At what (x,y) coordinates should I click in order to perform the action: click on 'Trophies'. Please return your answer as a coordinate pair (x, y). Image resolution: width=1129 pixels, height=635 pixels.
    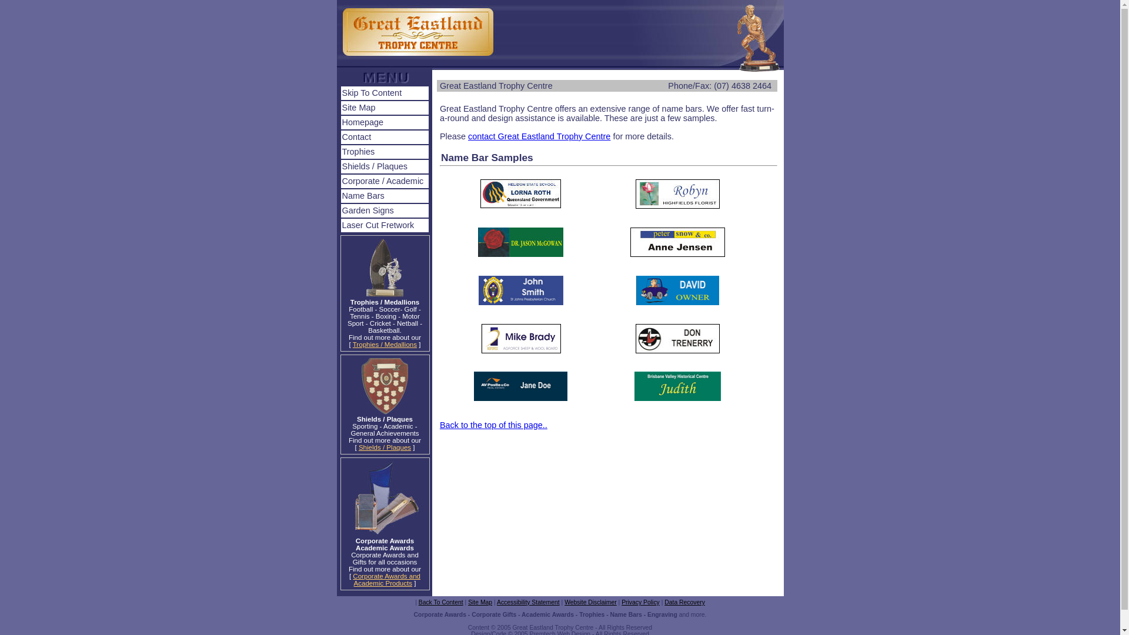
    Looking at the image, I should click on (385, 151).